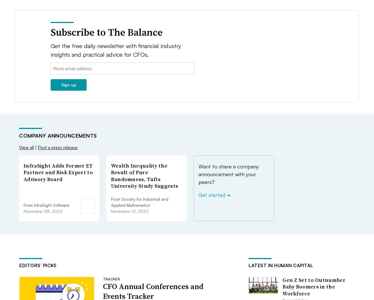 The image size is (374, 300). I want to click on 'InfraSight Adds Former EY Partner and Risk Expert to Advisory Board', so click(58, 172).